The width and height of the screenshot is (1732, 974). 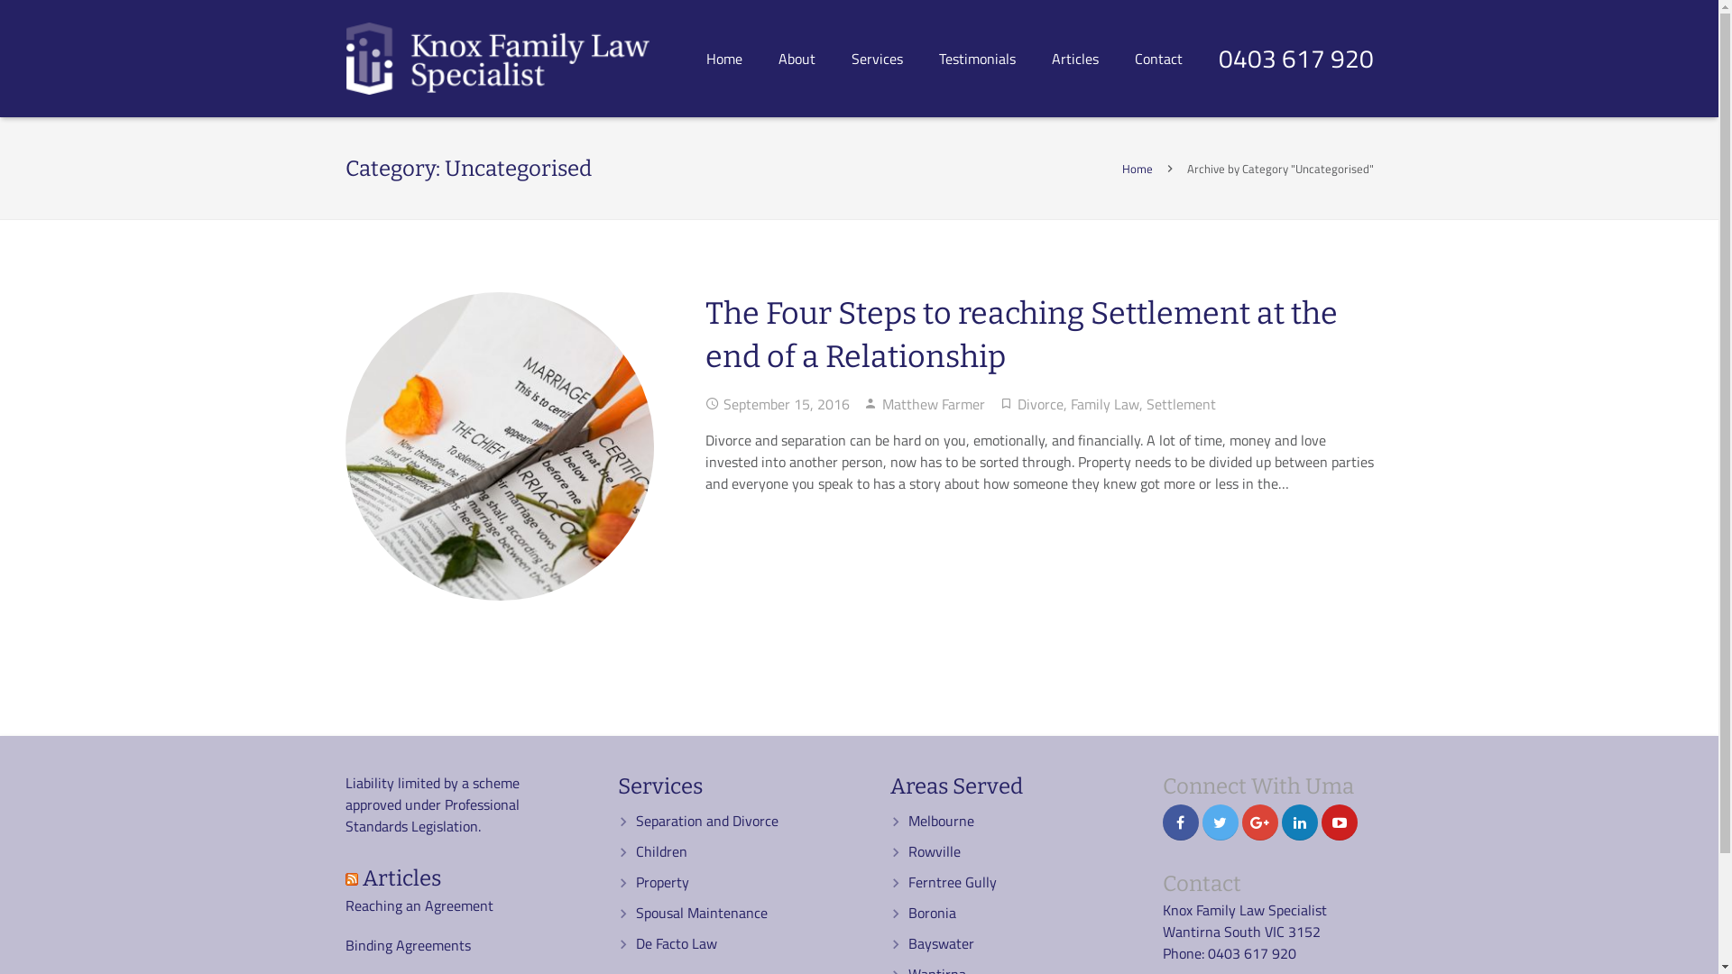 What do you see at coordinates (406, 944) in the screenshot?
I see `'Binding Agreements'` at bounding box center [406, 944].